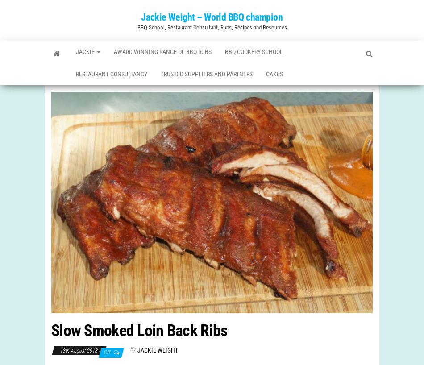 The width and height of the screenshot is (424, 365). Describe the element at coordinates (301, 79) in the screenshot. I see `'Cakes'` at that location.